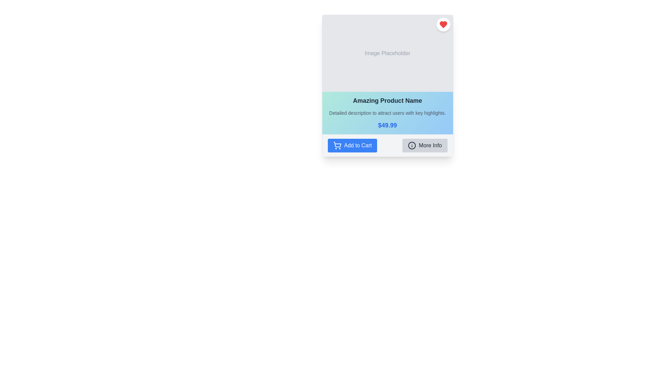 The image size is (657, 370). What do you see at coordinates (424, 145) in the screenshot?
I see `the 'More Info' button with a gray background and an information symbol to the right of the 'Add to Cart' button` at bounding box center [424, 145].